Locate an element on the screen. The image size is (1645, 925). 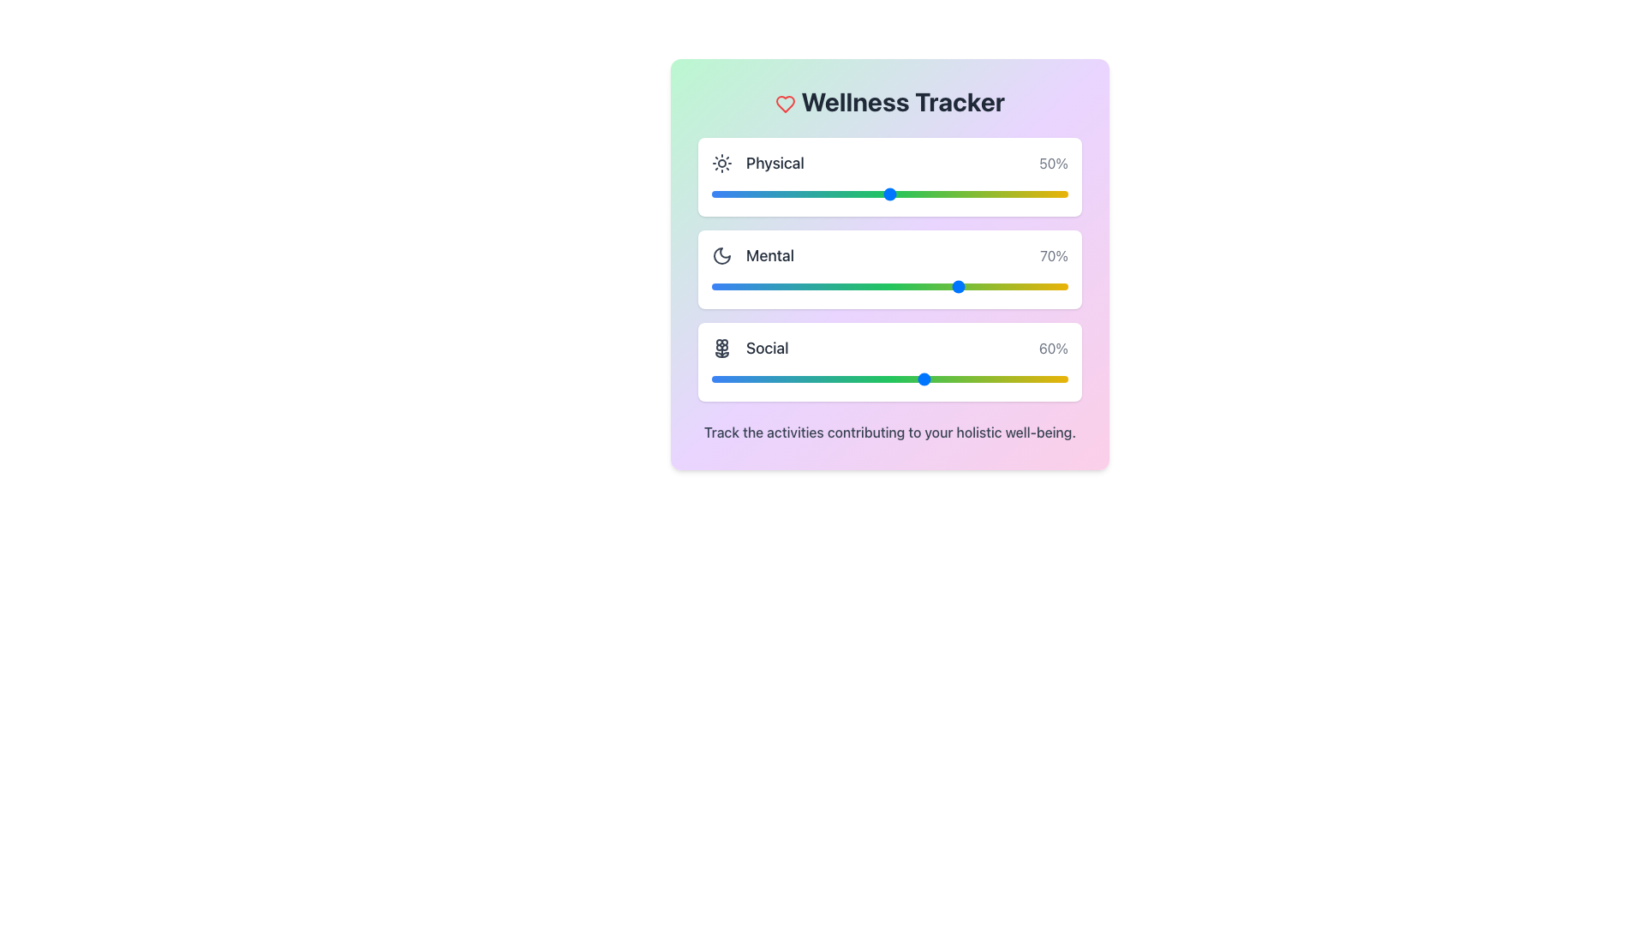
the Decorative icon, which is a small flower-like icon in dark gray located to the left of the 'Social' label in the Wellness Tracker section is located at coordinates (722, 348).